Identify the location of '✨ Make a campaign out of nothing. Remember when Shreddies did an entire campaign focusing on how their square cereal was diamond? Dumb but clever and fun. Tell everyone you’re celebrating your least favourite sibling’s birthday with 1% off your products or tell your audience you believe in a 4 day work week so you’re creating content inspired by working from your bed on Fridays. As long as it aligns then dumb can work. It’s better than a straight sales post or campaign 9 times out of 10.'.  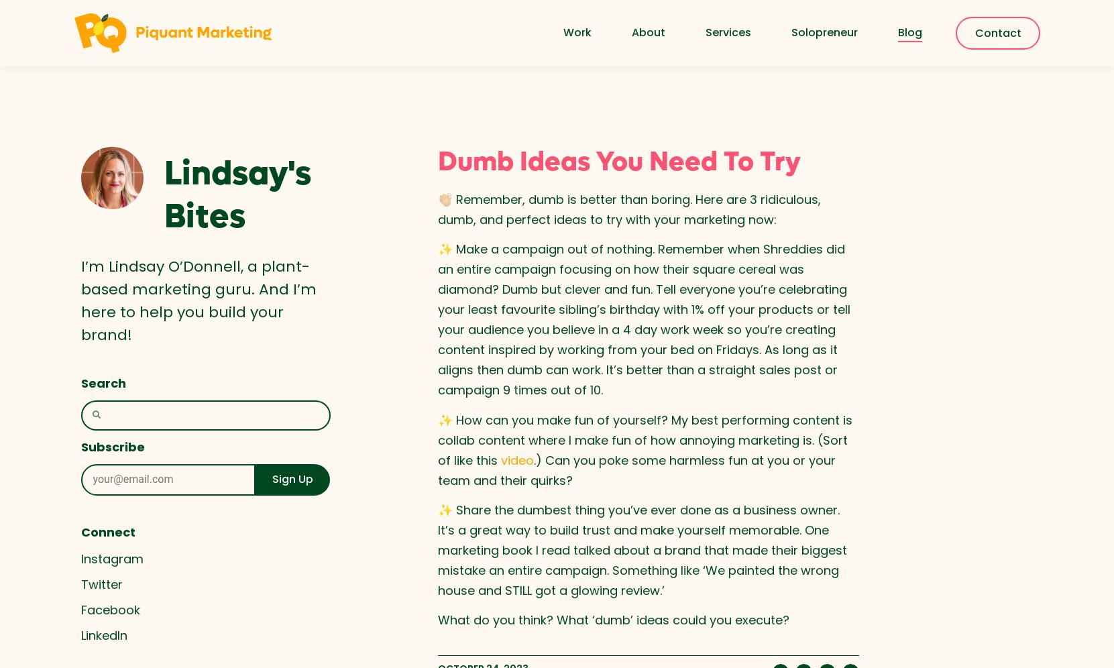
(643, 319).